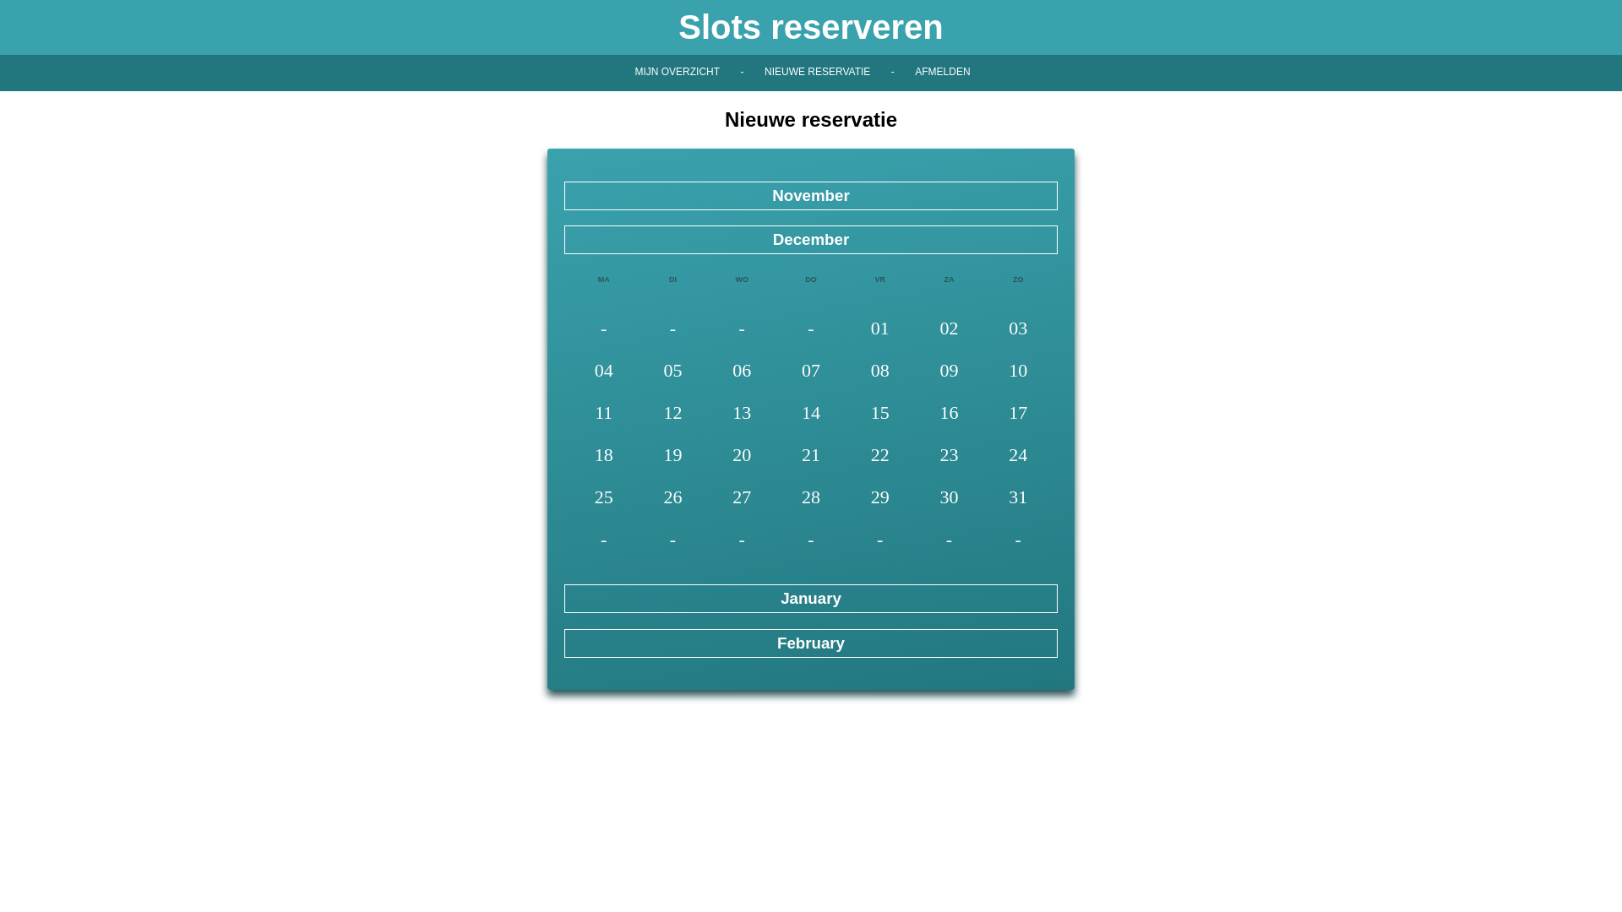 The height and width of the screenshot is (912, 1622). I want to click on '20', so click(742, 456).